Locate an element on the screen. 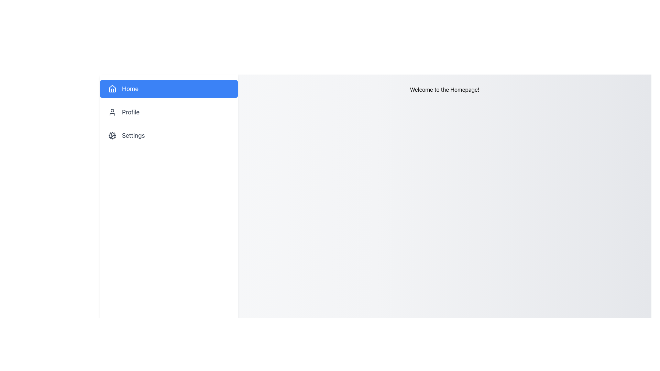 The image size is (660, 371). the 'Settings' button in the sidebar menu for keyboard navigation is located at coordinates (169, 135).